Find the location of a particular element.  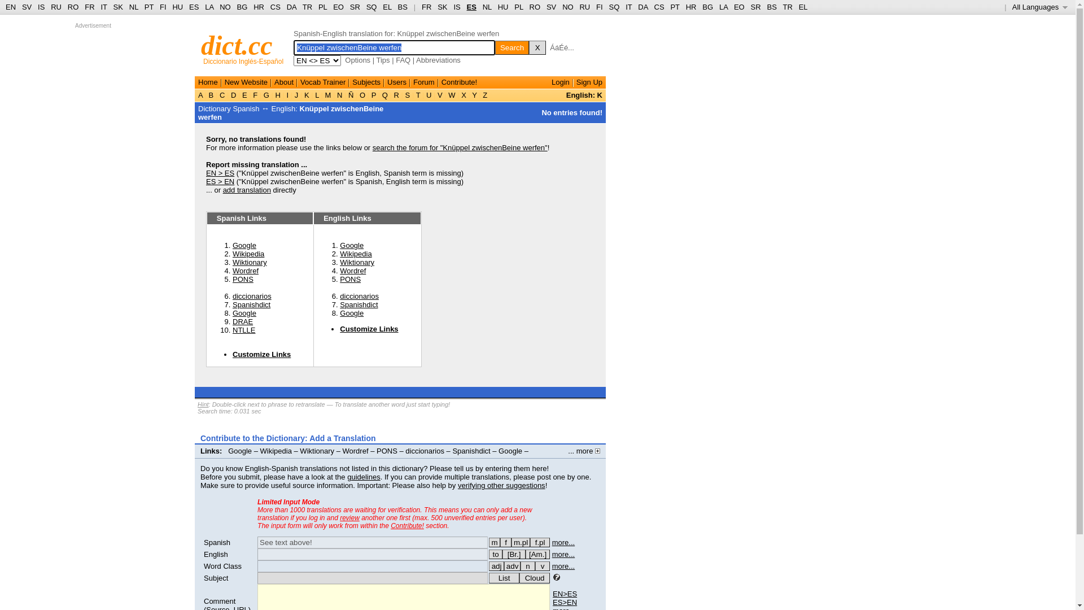

'Y' is located at coordinates (470, 94).